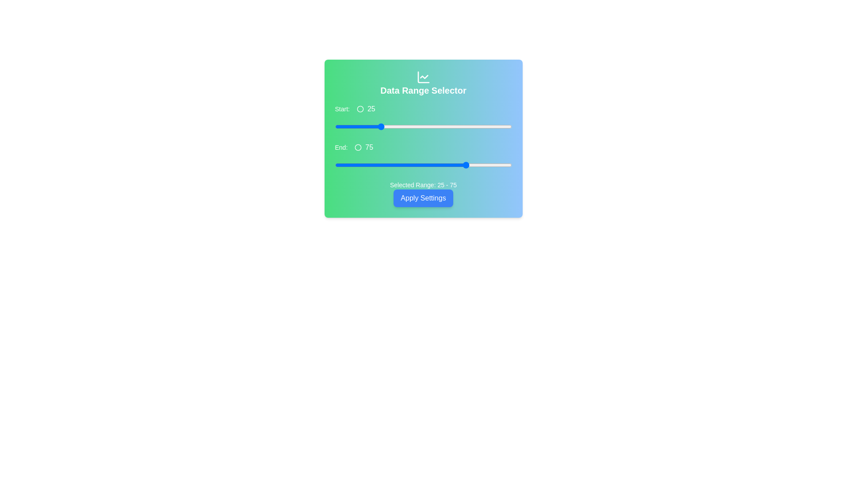 This screenshot has width=849, height=477. What do you see at coordinates (342, 108) in the screenshot?
I see `the Text Label indicating the starting value of a range selector located in the upper left section of the interface` at bounding box center [342, 108].